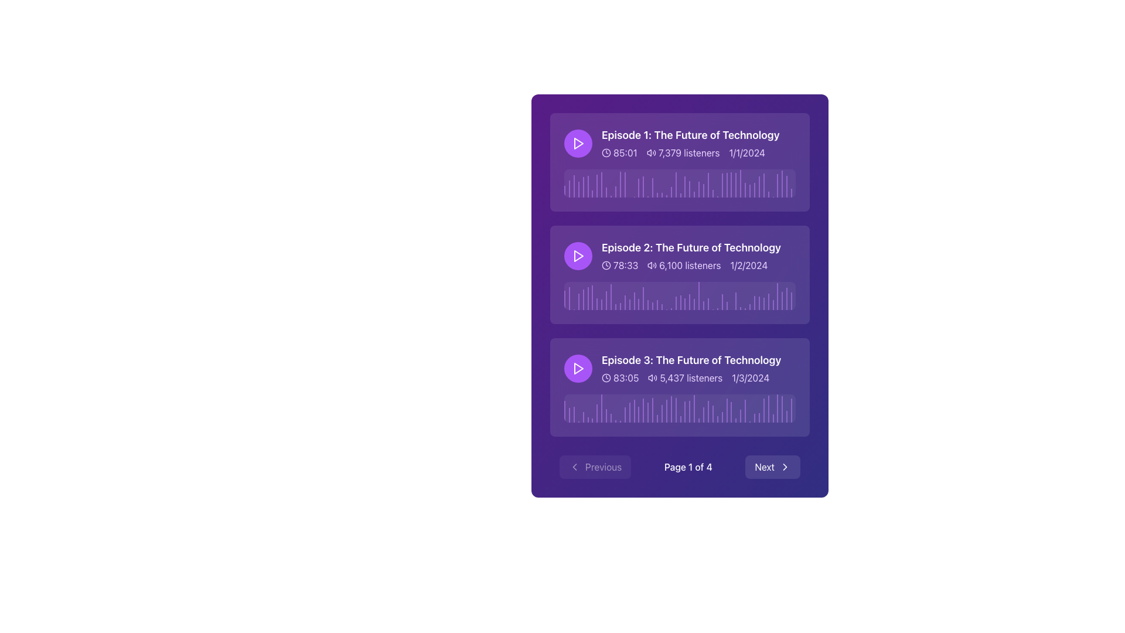 Image resolution: width=1125 pixels, height=633 pixels. What do you see at coordinates (583, 416) in the screenshot?
I see `the fifth vertical bar indicator in the lower part of the interface, which represents a marker in a visual scale or waveform` at bounding box center [583, 416].